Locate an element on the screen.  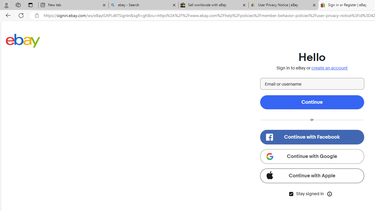
'Continue with Google' is located at coordinates (311, 156).